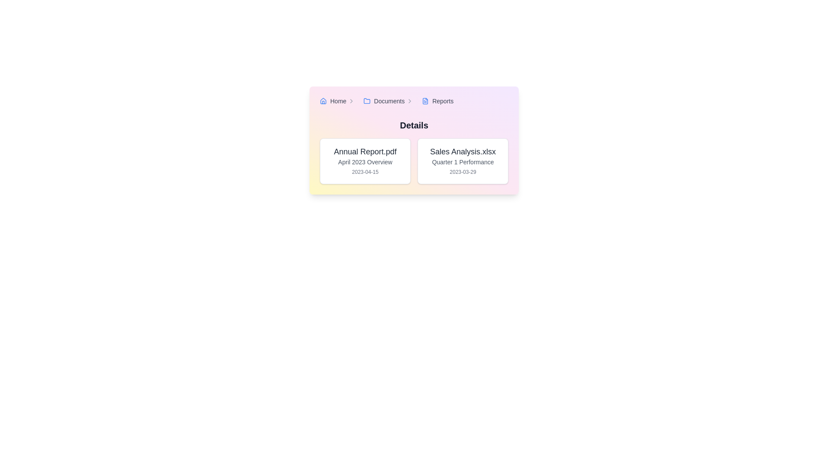 Image resolution: width=830 pixels, height=467 pixels. Describe the element at coordinates (338, 101) in the screenshot. I see `the first breadcrumb navigation link` at that location.